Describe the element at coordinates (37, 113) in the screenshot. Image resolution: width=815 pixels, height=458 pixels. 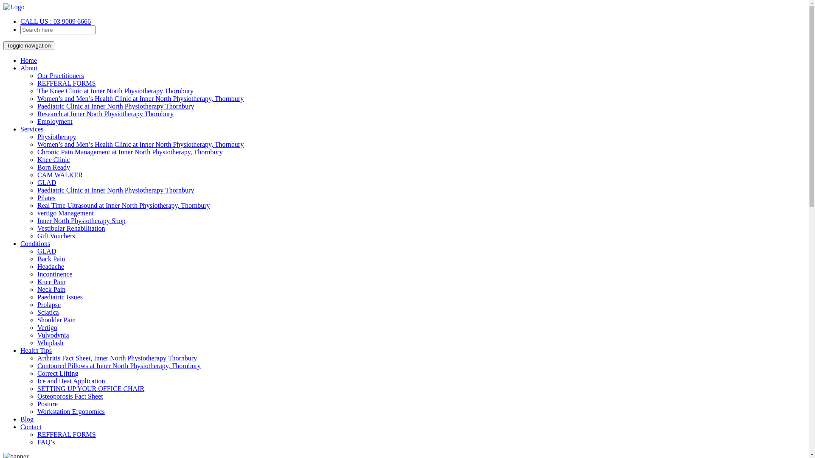
I see `'Research at Inner North Physiotherapy Thornbury'` at that location.